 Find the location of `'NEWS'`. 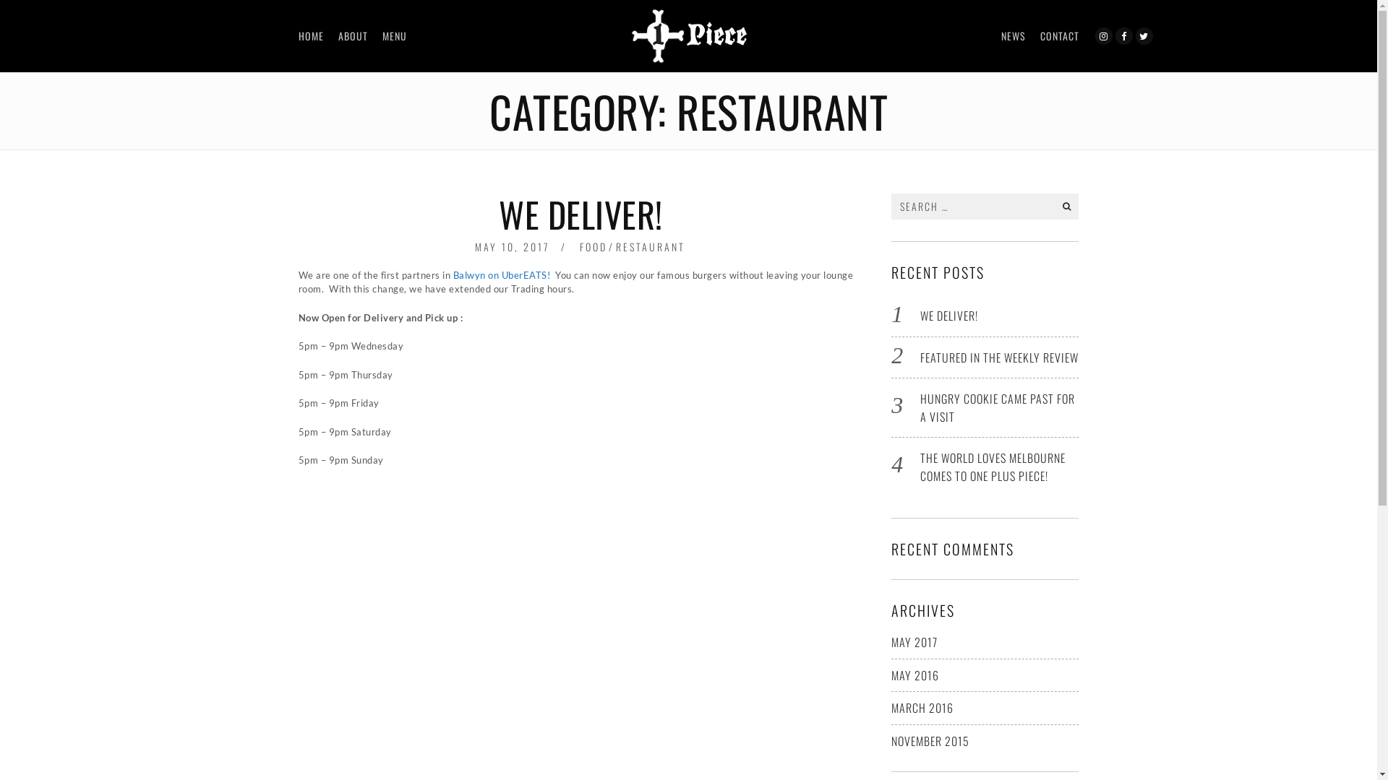

'NEWS' is located at coordinates (999, 35).